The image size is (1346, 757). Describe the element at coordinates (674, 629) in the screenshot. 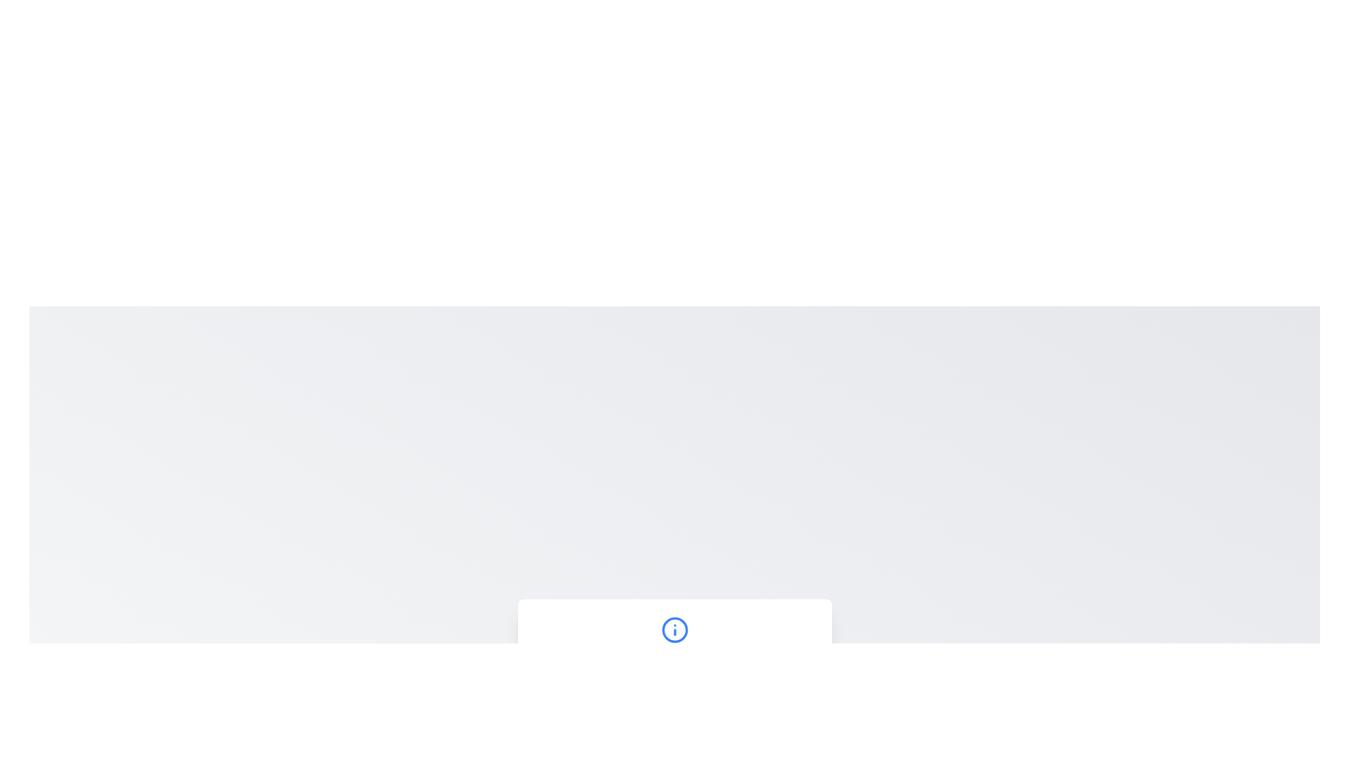

I see `the informational cue icon located just below the 'Action Confirmation Required' heading` at that location.